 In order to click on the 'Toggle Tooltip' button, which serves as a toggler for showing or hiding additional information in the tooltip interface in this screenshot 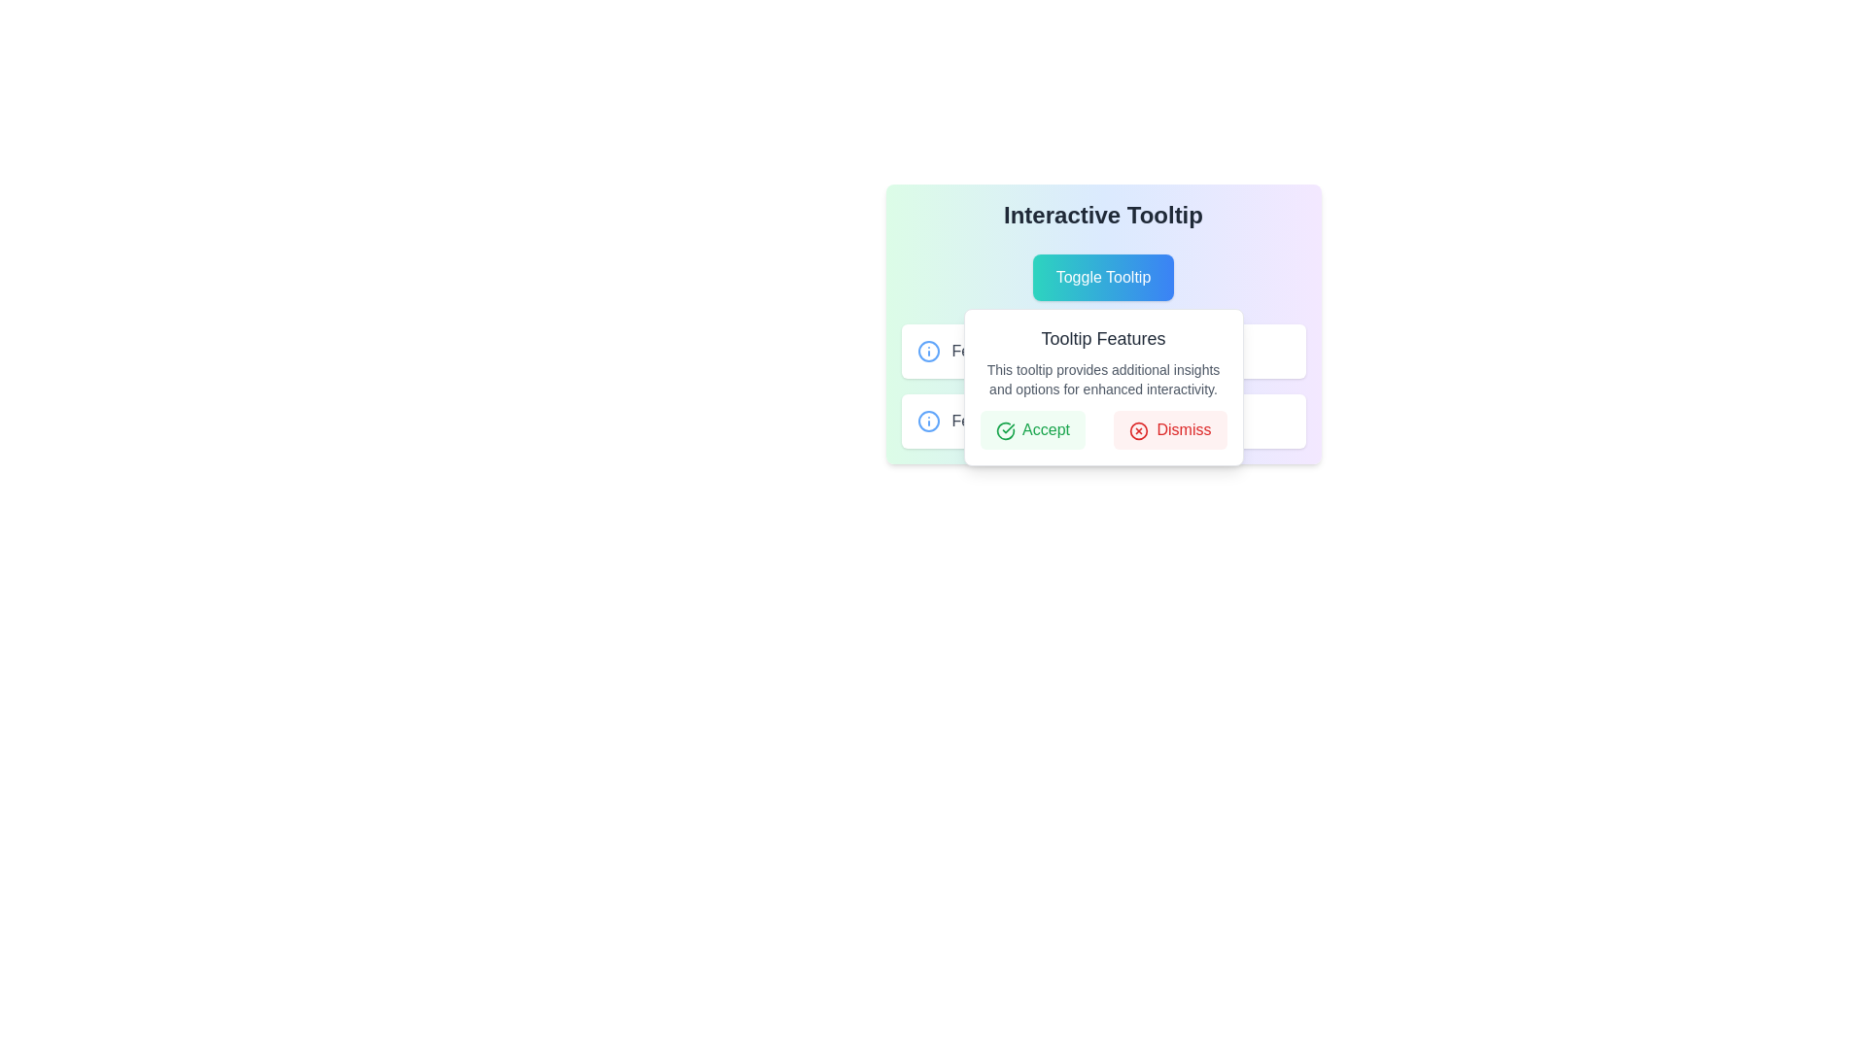, I will do `click(1103, 277)`.